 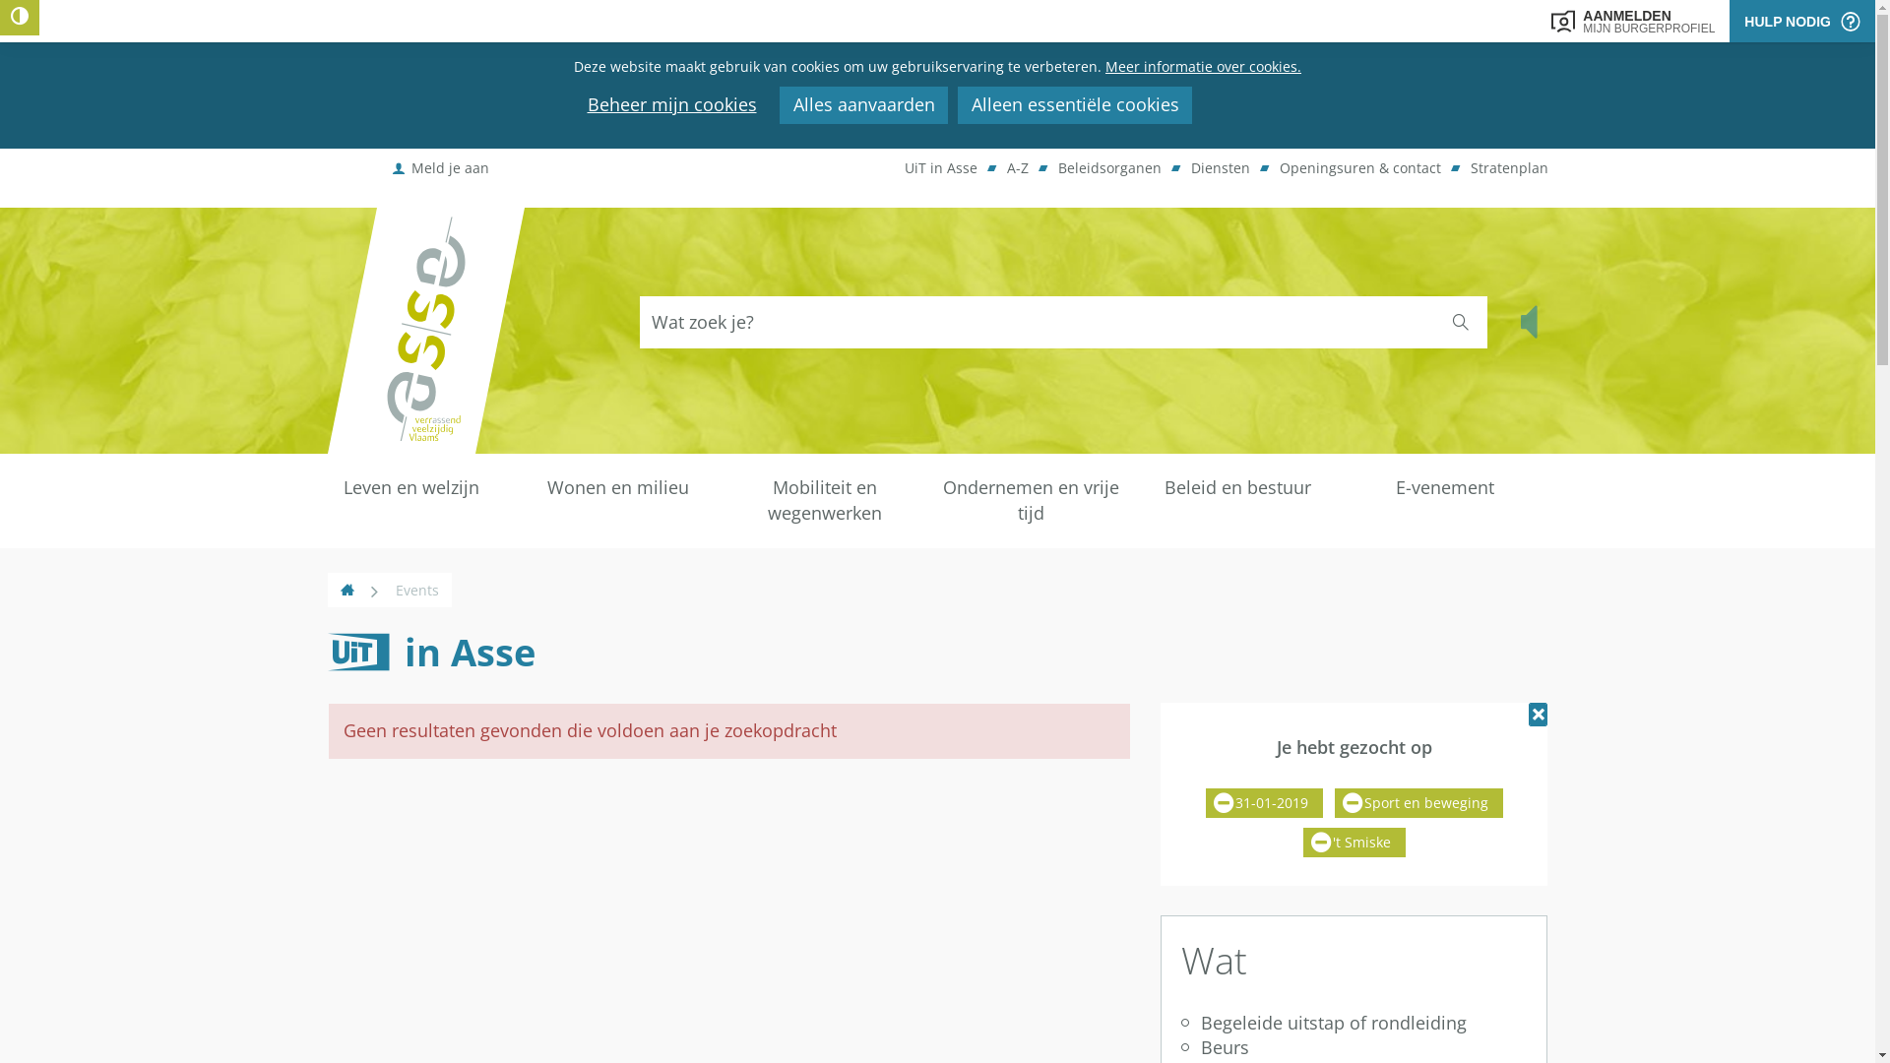 What do you see at coordinates (1219, 167) in the screenshot?
I see `'Diensten'` at bounding box center [1219, 167].